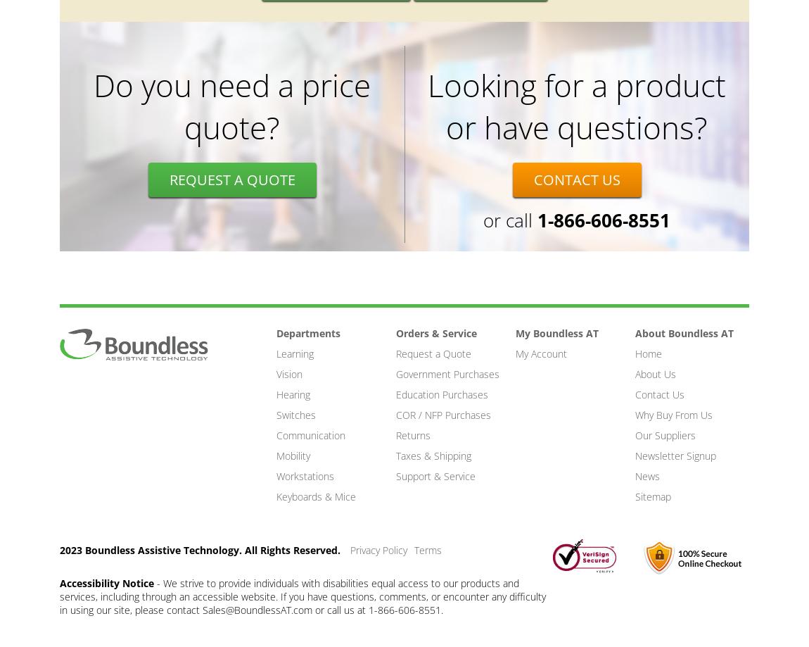  I want to click on 'Returns', so click(412, 435).